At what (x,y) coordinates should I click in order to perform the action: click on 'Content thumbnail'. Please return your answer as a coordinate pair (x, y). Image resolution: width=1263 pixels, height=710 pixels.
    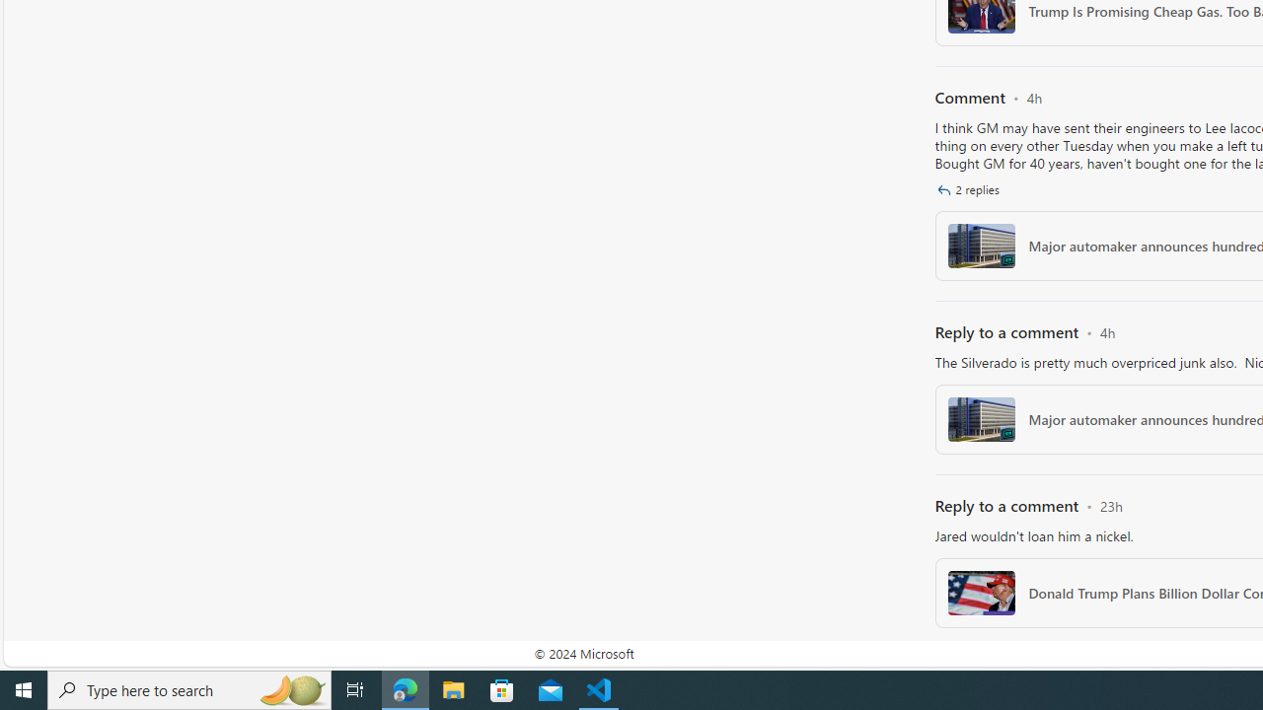
    Looking at the image, I should click on (981, 592).